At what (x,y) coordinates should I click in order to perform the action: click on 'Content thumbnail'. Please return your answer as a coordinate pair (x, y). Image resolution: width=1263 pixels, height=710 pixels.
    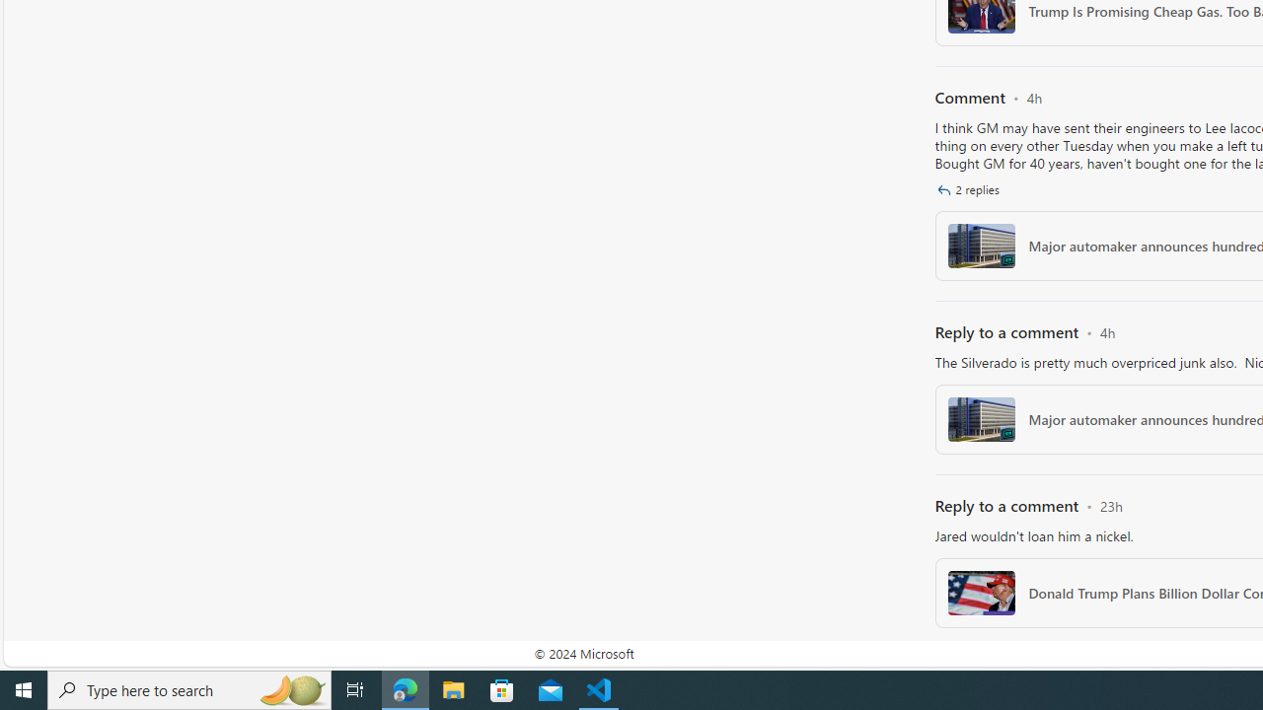
    Looking at the image, I should click on (981, 592).